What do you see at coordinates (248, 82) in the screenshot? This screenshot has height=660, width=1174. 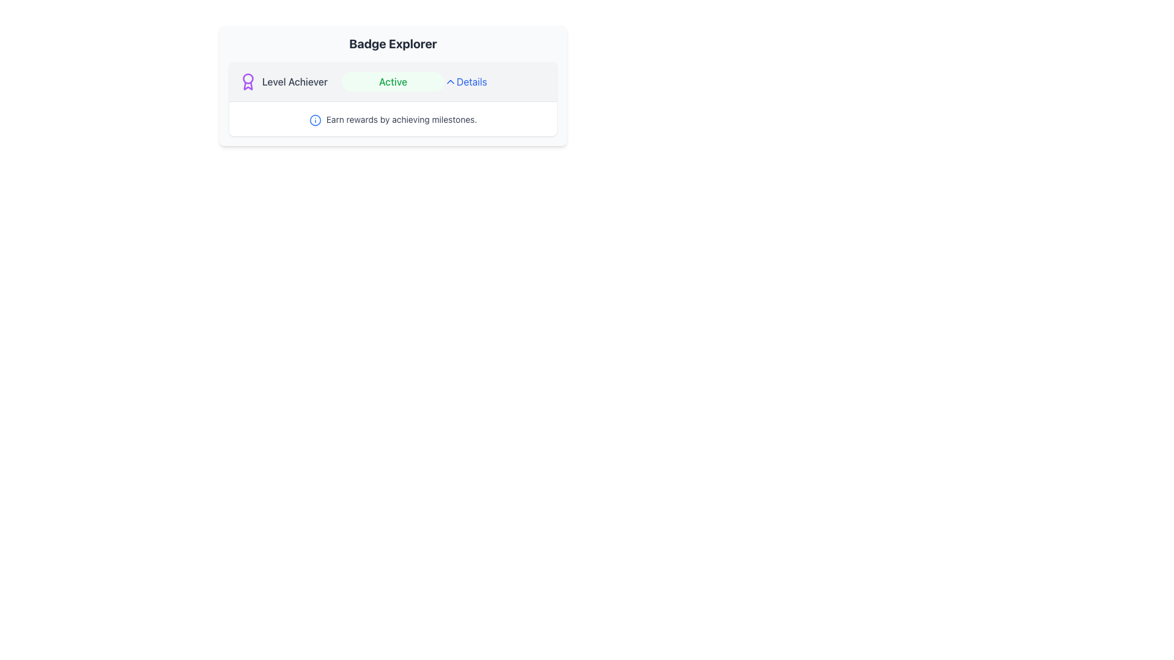 I see `the purple medal-like icon that resembles an award badge, located to the left of the text 'Level Achiever' in the 'Badge Explorer' section` at bounding box center [248, 82].